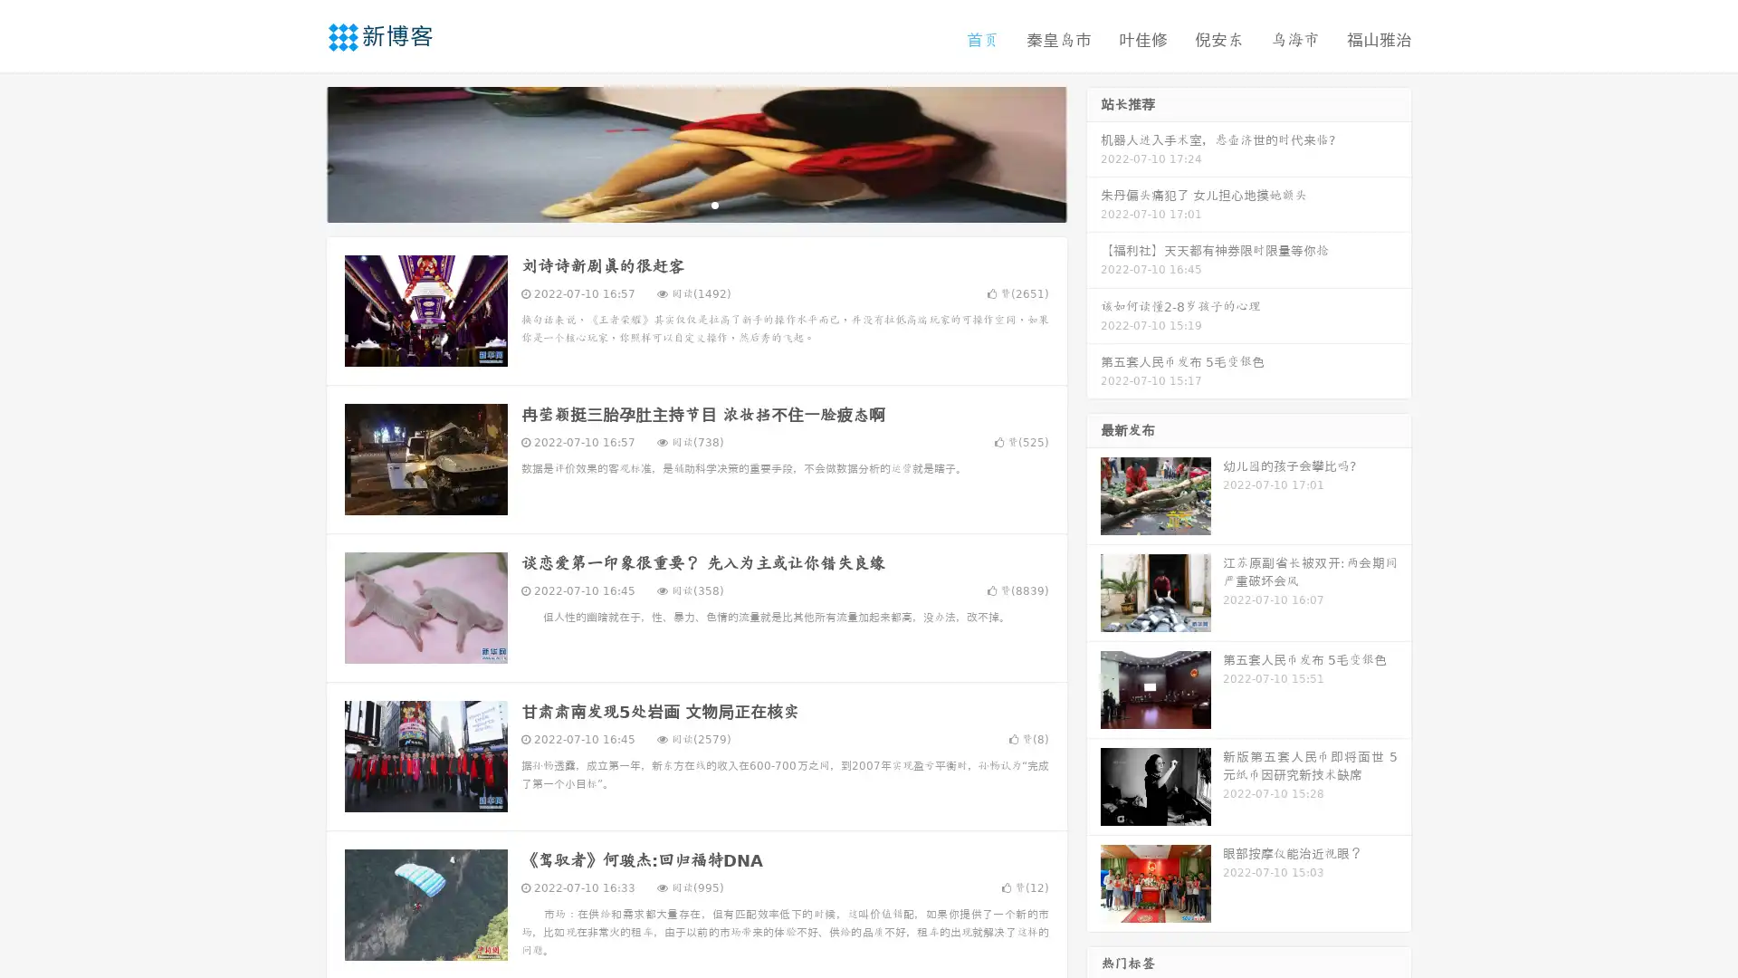 The height and width of the screenshot is (978, 1738). Describe the element at coordinates (299, 152) in the screenshot. I see `Previous slide` at that location.